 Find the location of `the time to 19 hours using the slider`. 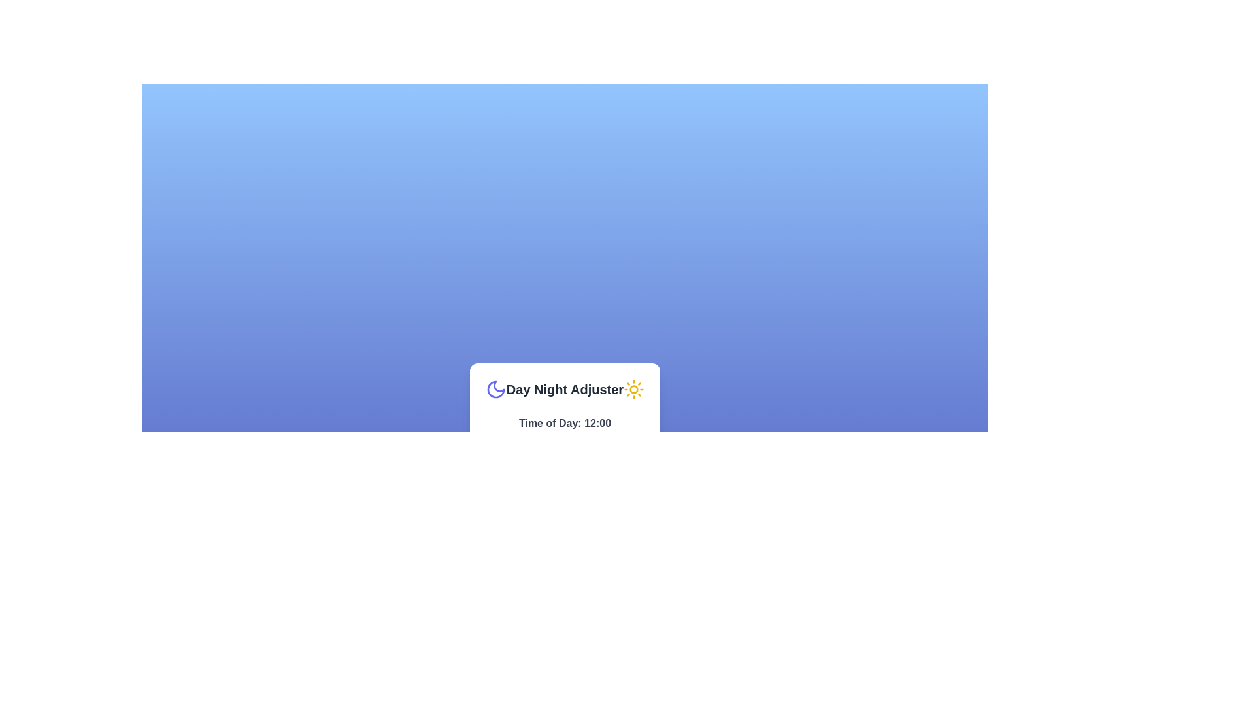

the time to 19 hours using the slider is located at coordinates (616, 438).